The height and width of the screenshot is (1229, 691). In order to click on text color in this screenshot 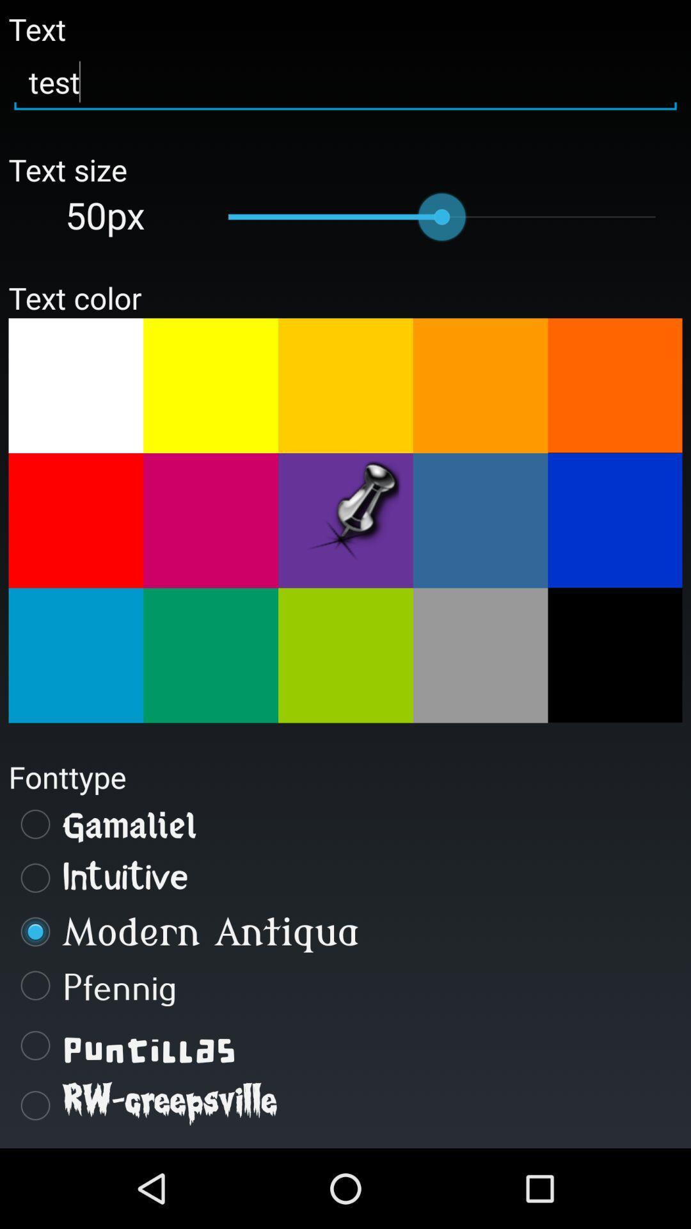, I will do `click(345, 520)`.